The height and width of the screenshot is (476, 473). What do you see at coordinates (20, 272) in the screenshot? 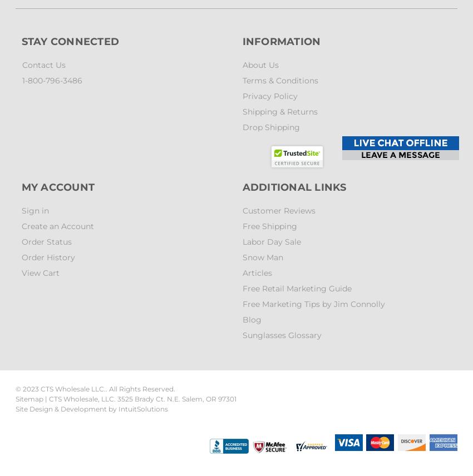
I see `'View Cart'` at bounding box center [20, 272].